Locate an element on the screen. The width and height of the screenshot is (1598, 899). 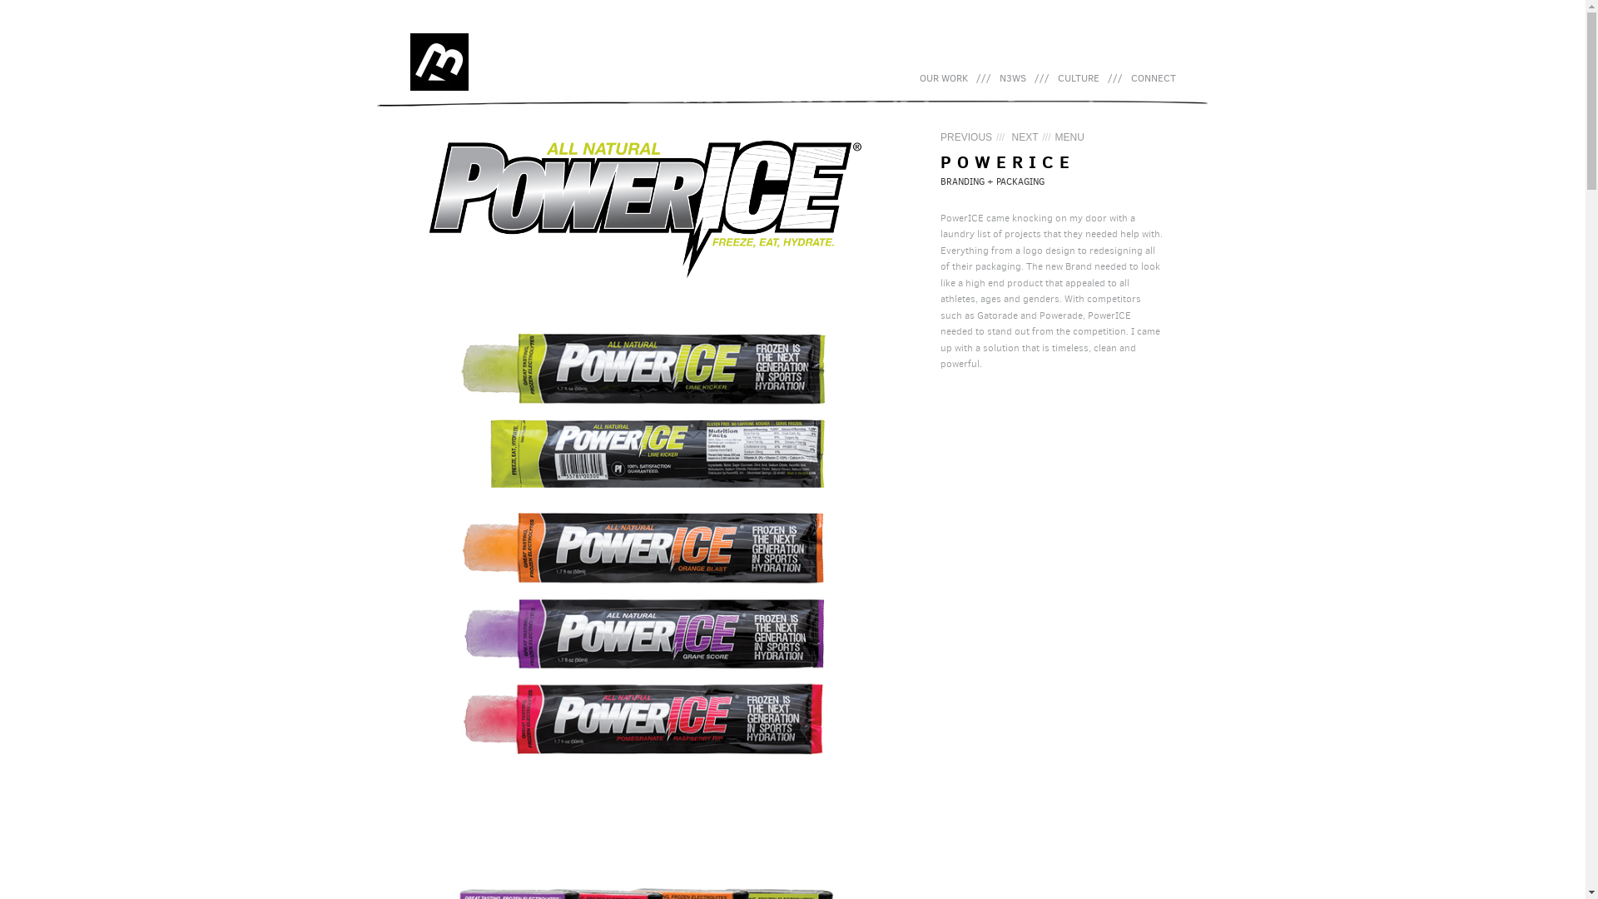
'///' is located at coordinates (1041, 79).